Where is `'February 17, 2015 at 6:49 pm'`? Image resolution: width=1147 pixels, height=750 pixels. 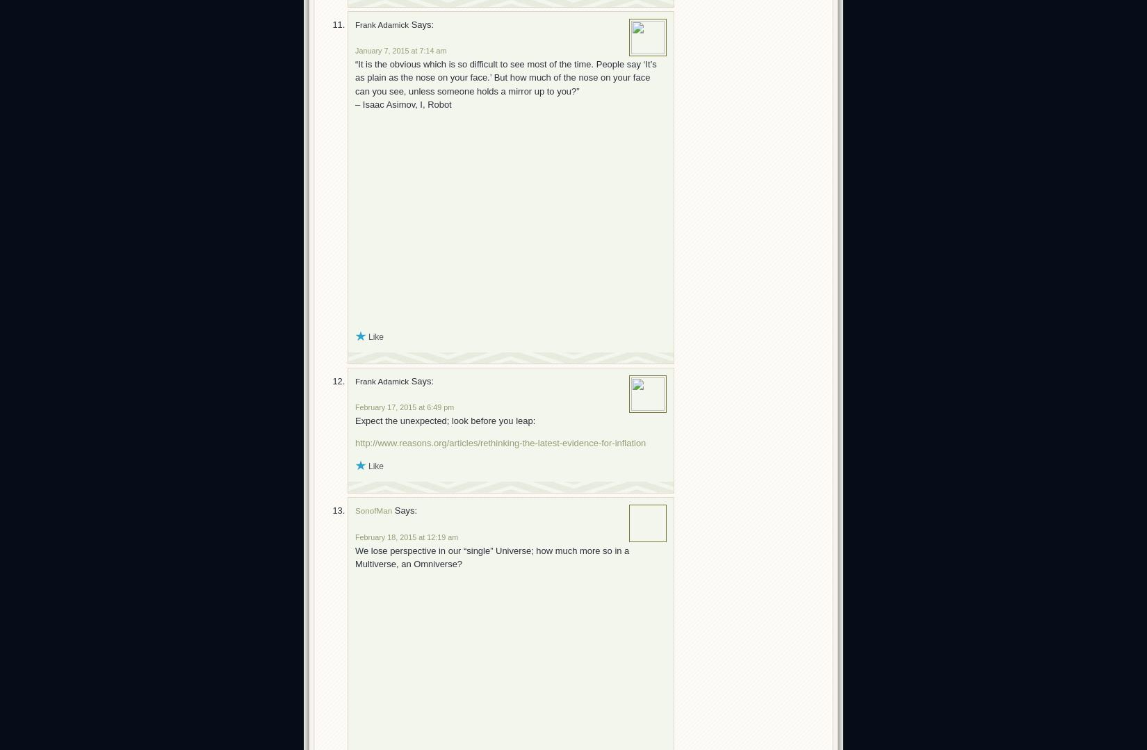 'February 17, 2015 at 6:49 pm' is located at coordinates (403, 407).